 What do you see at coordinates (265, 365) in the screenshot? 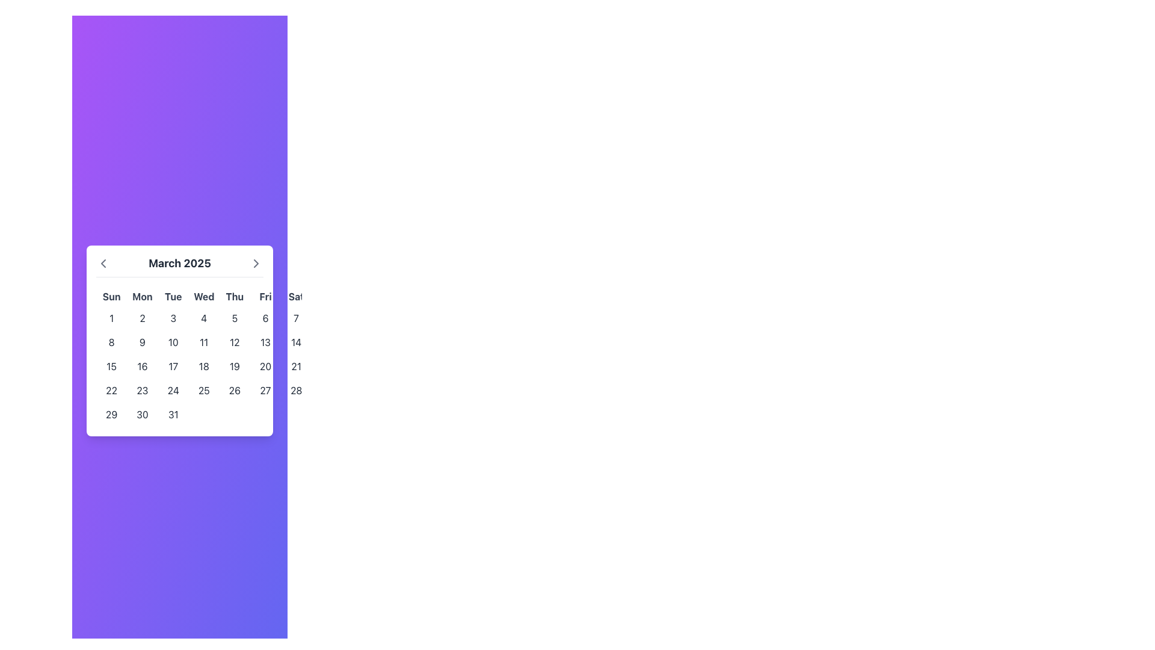
I see `the Calendar Date Cell representing March 20th, 2025` at bounding box center [265, 365].